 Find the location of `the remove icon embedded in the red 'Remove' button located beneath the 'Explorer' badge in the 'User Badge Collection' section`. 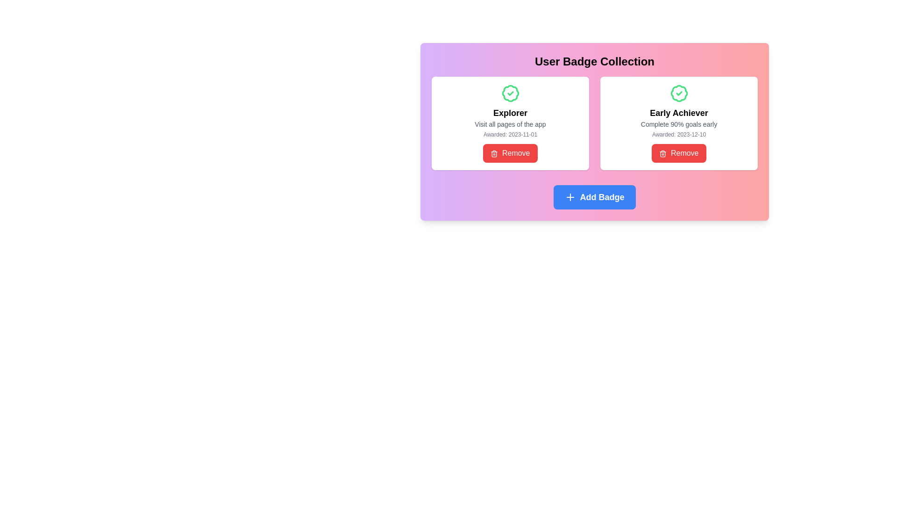

the remove icon embedded in the red 'Remove' button located beneath the 'Explorer' badge in the 'User Badge Collection' section is located at coordinates (494, 153).